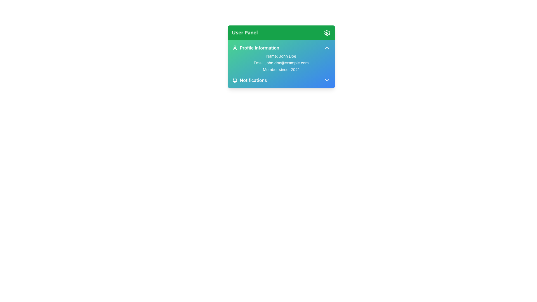  Describe the element at coordinates (281, 63) in the screenshot. I see `static text element displaying user information, which includes 'Name: John Doe,' 'Email: john.doe@example.com,' and 'Member since: 2021.' This element is located in the 'Profile Information' section of the 'User Panel' card` at that location.